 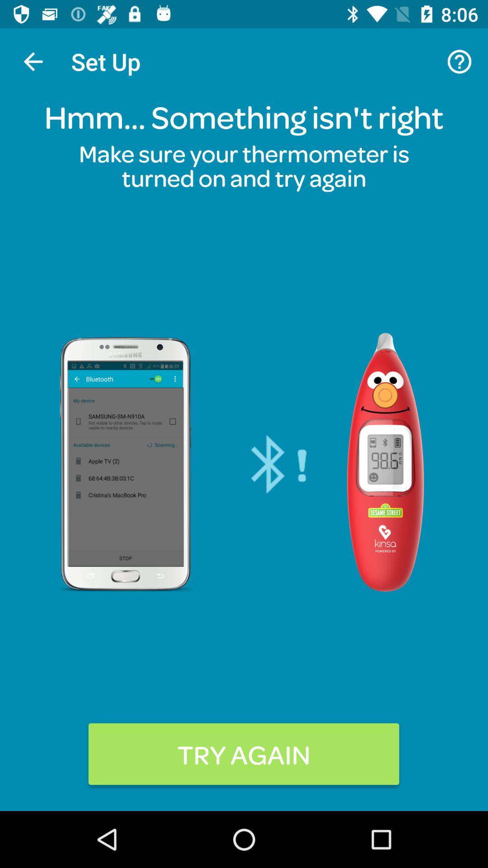 I want to click on the icon next to the set up app, so click(x=33, y=61).